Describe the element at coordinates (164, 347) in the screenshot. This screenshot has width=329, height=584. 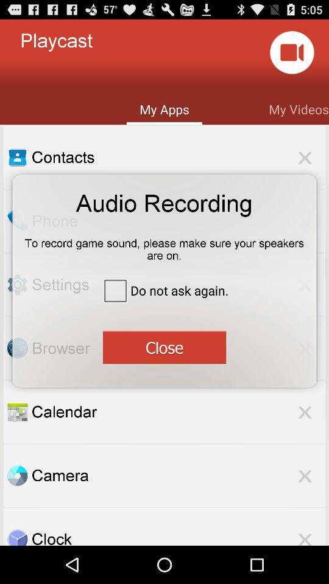
I see `the item below do not ask icon` at that location.